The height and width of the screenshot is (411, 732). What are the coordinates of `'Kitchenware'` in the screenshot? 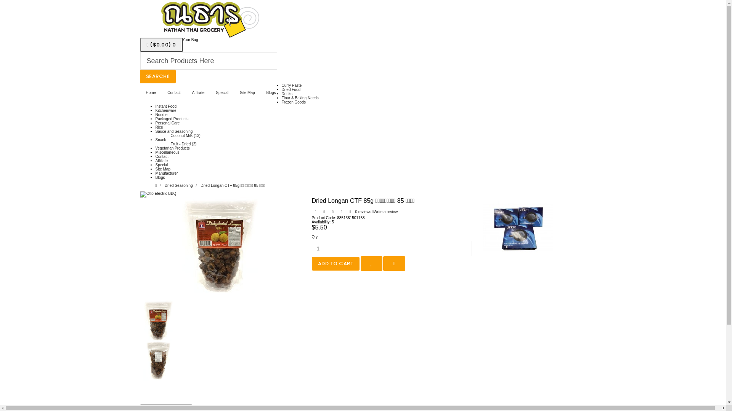 It's located at (155, 110).